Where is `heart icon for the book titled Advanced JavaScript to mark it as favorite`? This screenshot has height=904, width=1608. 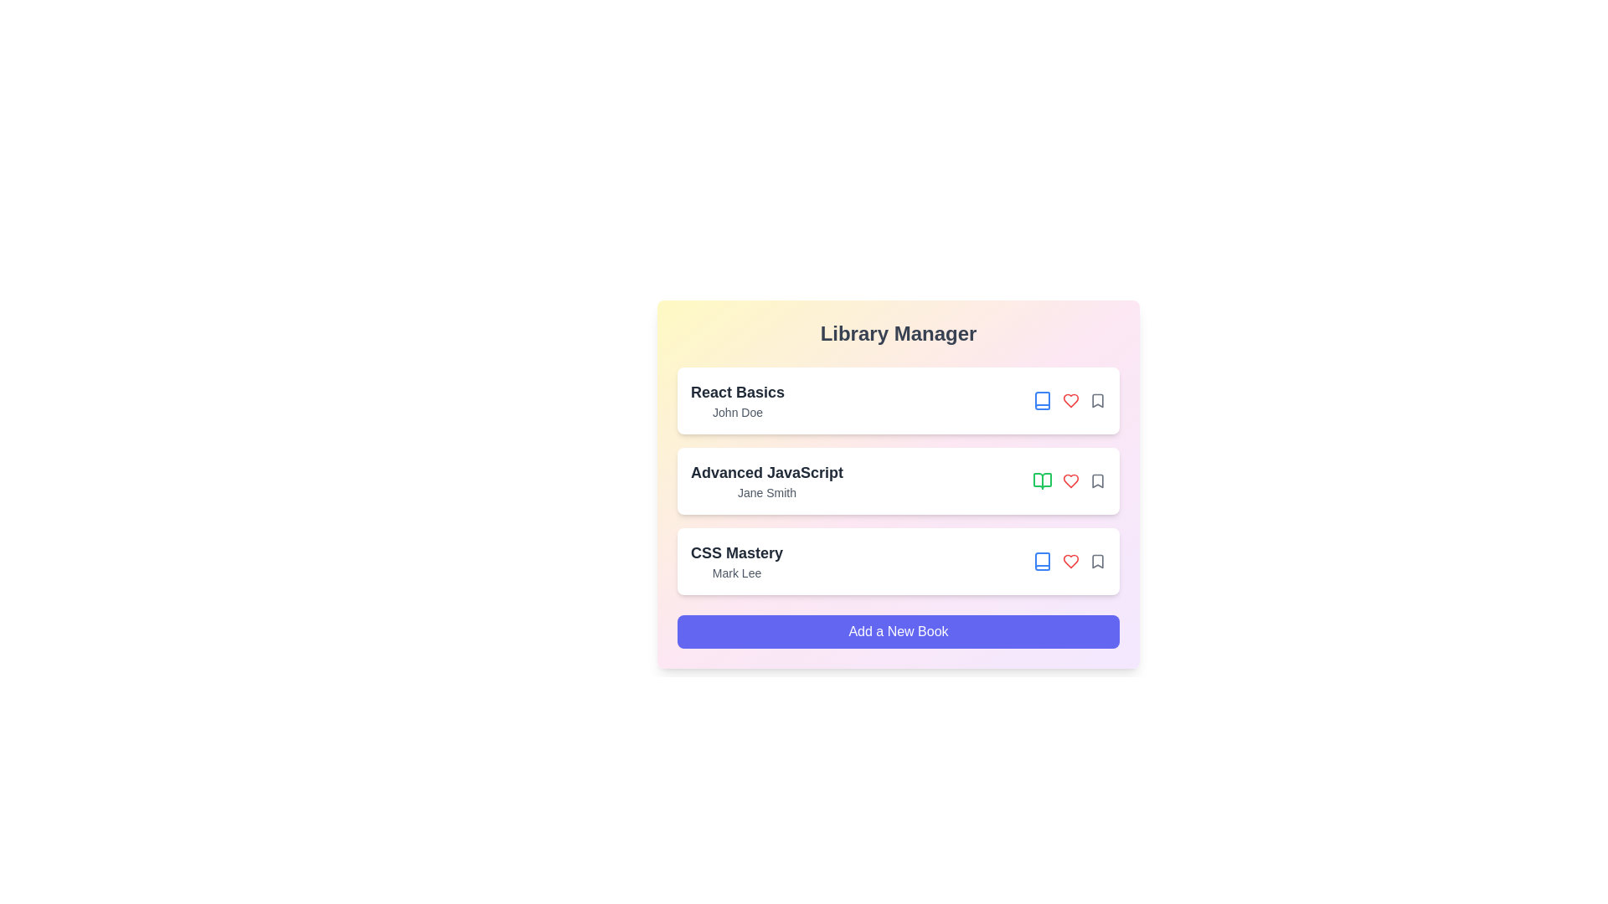
heart icon for the book titled Advanced JavaScript to mark it as favorite is located at coordinates (1069, 480).